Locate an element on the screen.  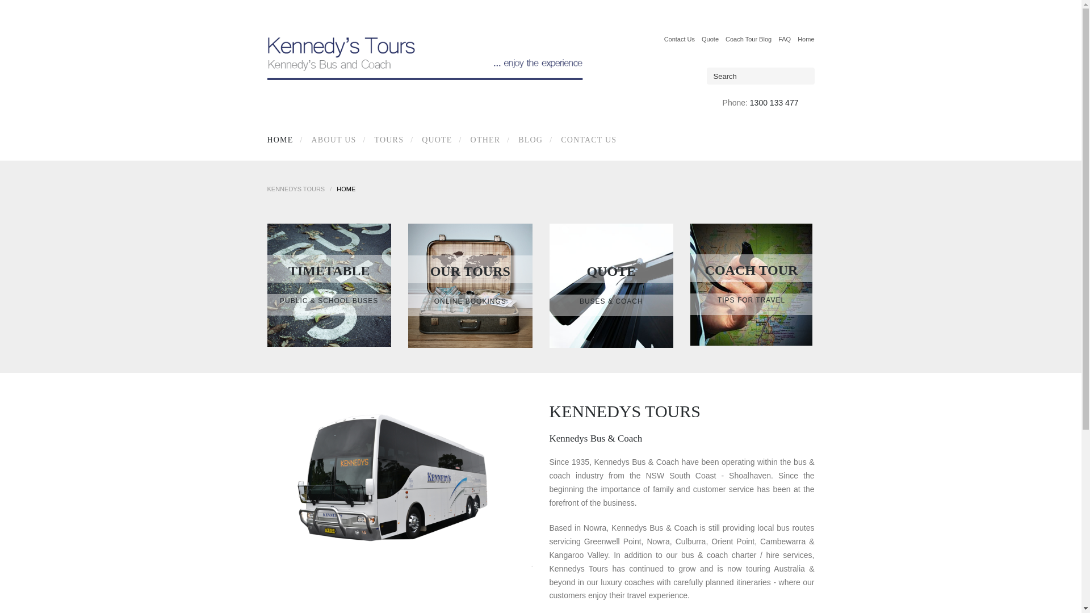
'PUBLIC & SCHOOL BUSES' is located at coordinates (328, 300).